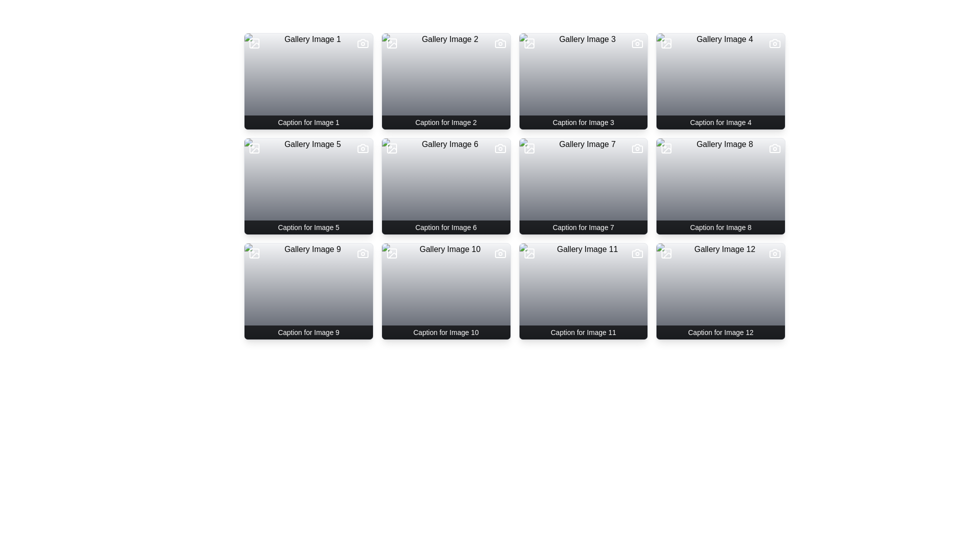  I want to click on the text label displaying 'Caption for Image 7' which is positioned at the bottom of the gallery card labeled 'Gallery Image 7' in the third row and second column of the grid layout, so click(583, 227).